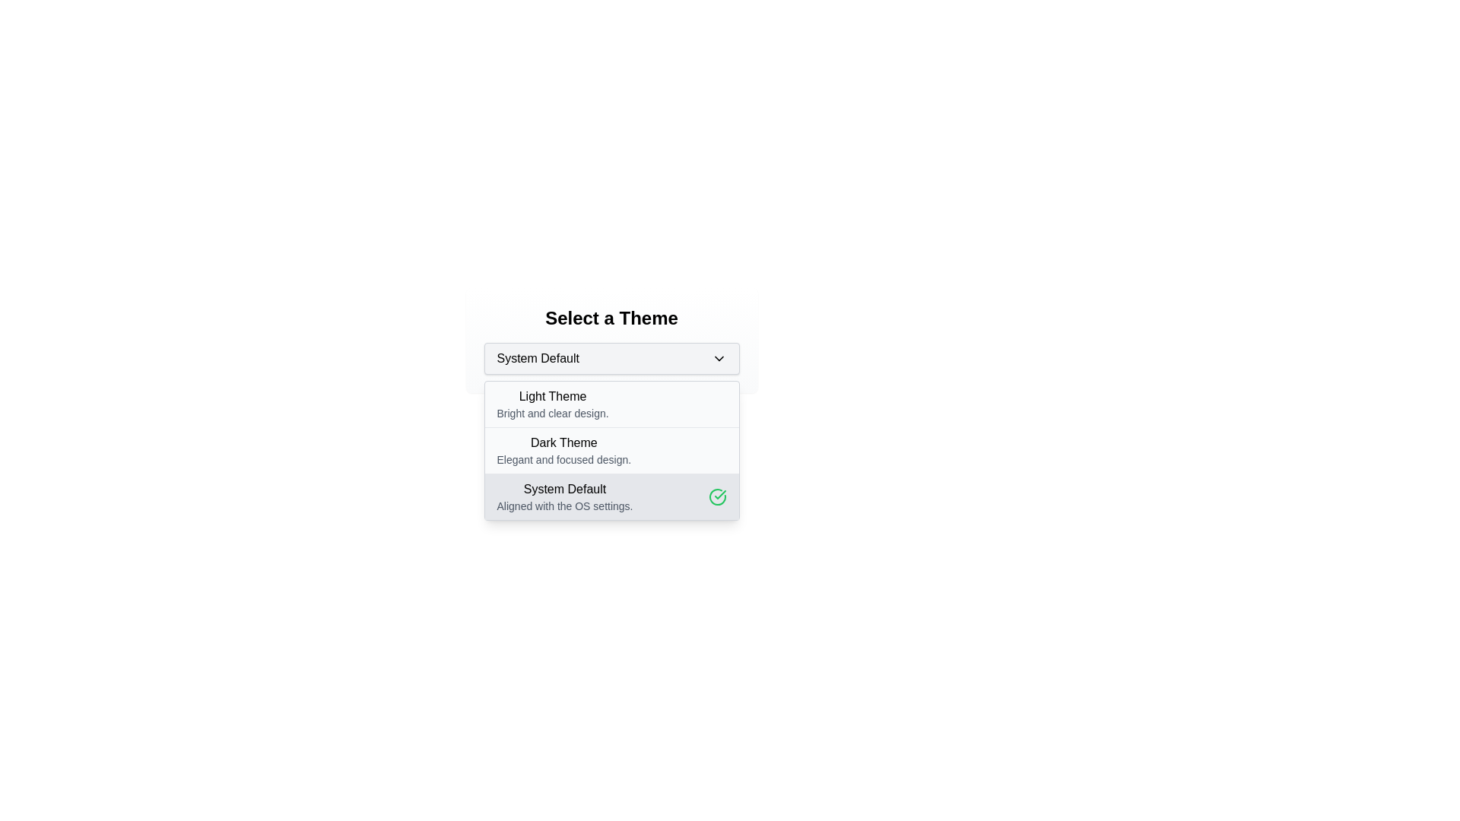 The height and width of the screenshot is (821, 1460). I want to click on the text label displaying 'Aligned with the OS settings.' which is positioned below the 'System Default' label in the dropdown menu under the 'Select a Theme' panel, so click(564, 506).